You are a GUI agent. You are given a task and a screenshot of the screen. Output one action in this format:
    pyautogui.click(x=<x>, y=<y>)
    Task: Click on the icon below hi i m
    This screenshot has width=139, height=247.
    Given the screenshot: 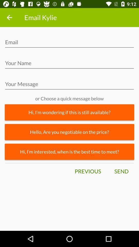 What is the action you would take?
    pyautogui.click(x=69, y=132)
    